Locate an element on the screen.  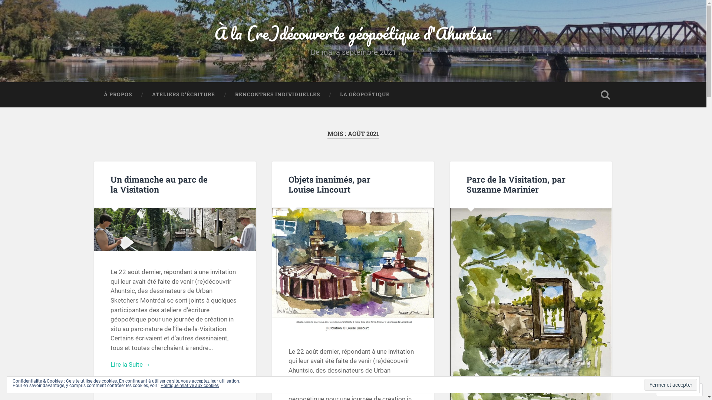
'Fermer et accepter' is located at coordinates (671, 384).